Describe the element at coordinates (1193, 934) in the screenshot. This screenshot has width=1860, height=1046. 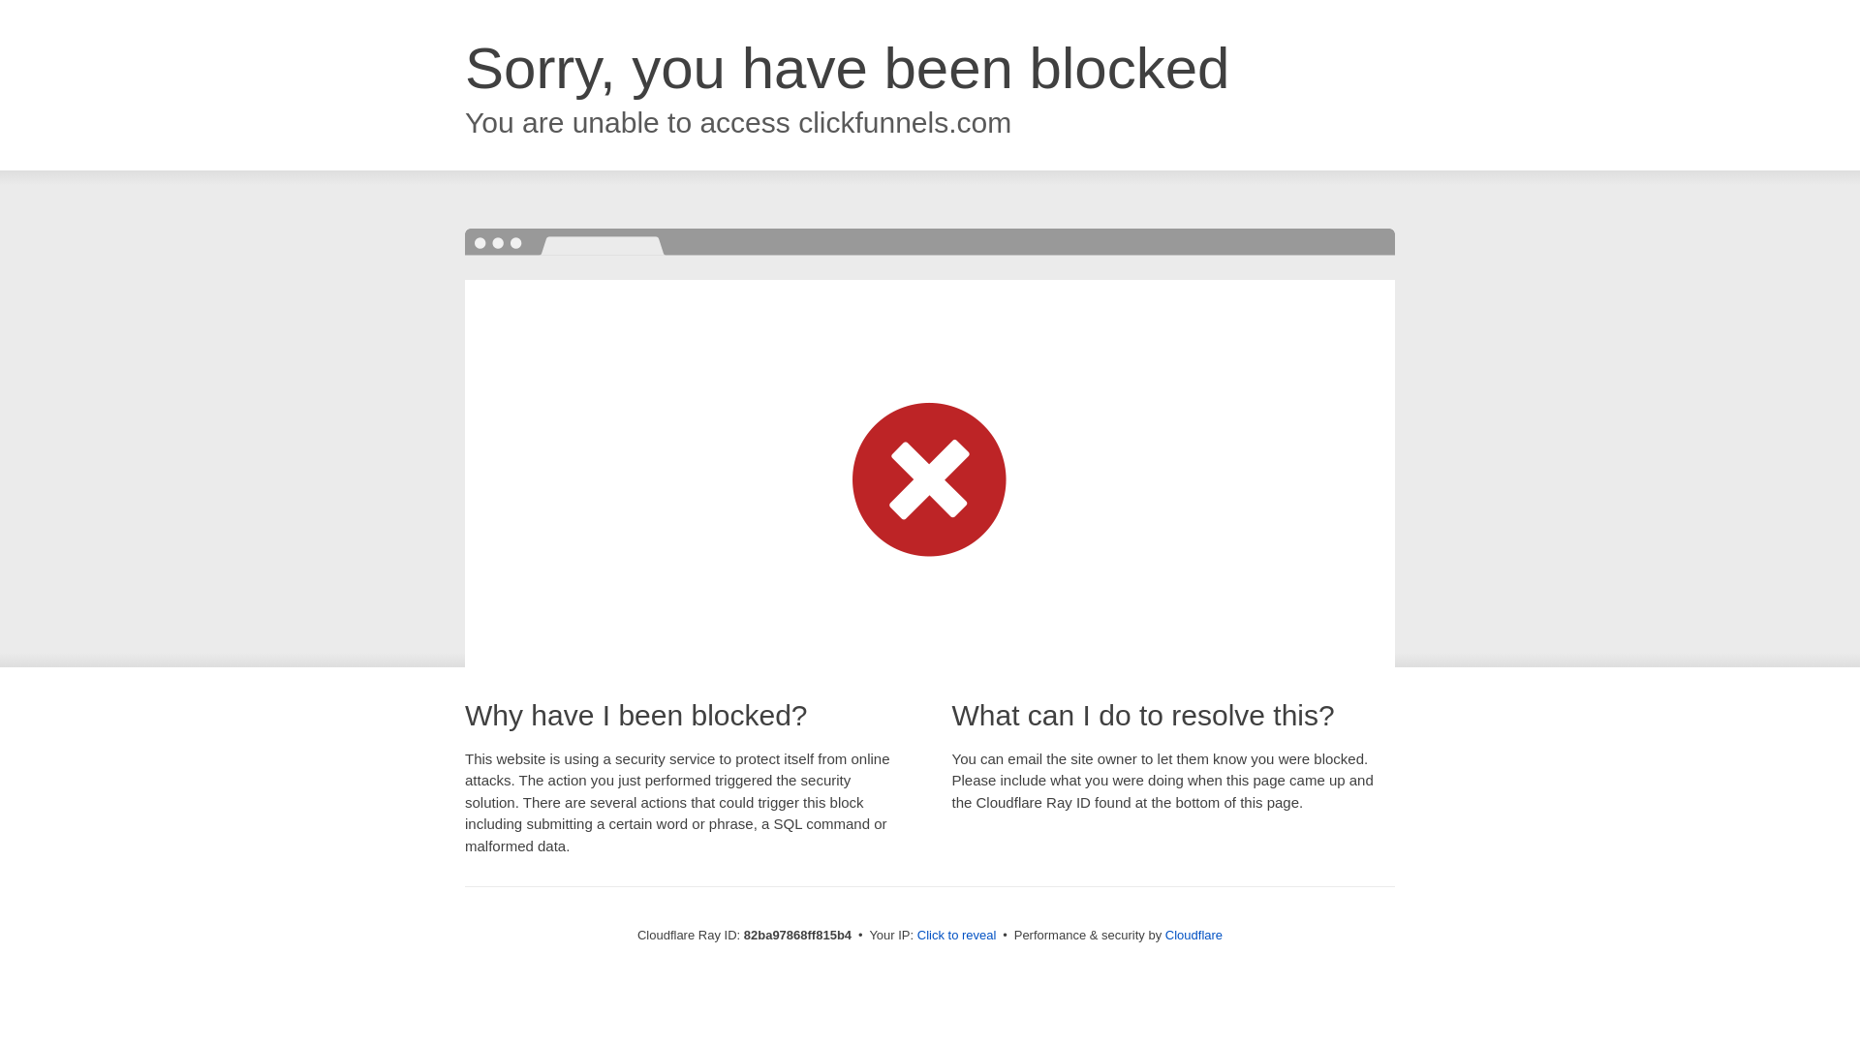
I see `'Cloudflare'` at that location.